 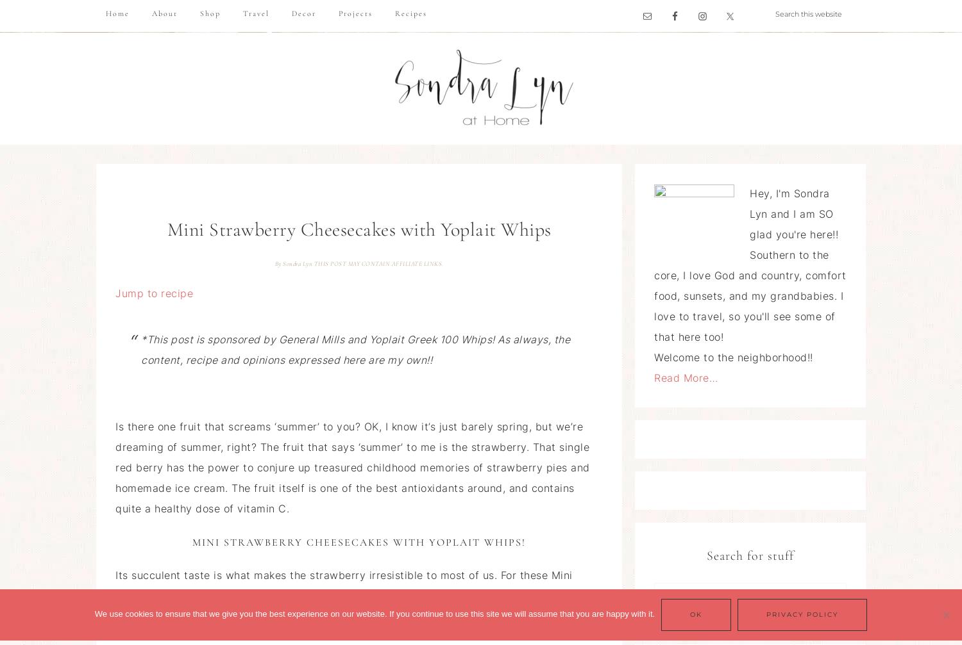 What do you see at coordinates (355, 13) in the screenshot?
I see `'Projects'` at bounding box center [355, 13].